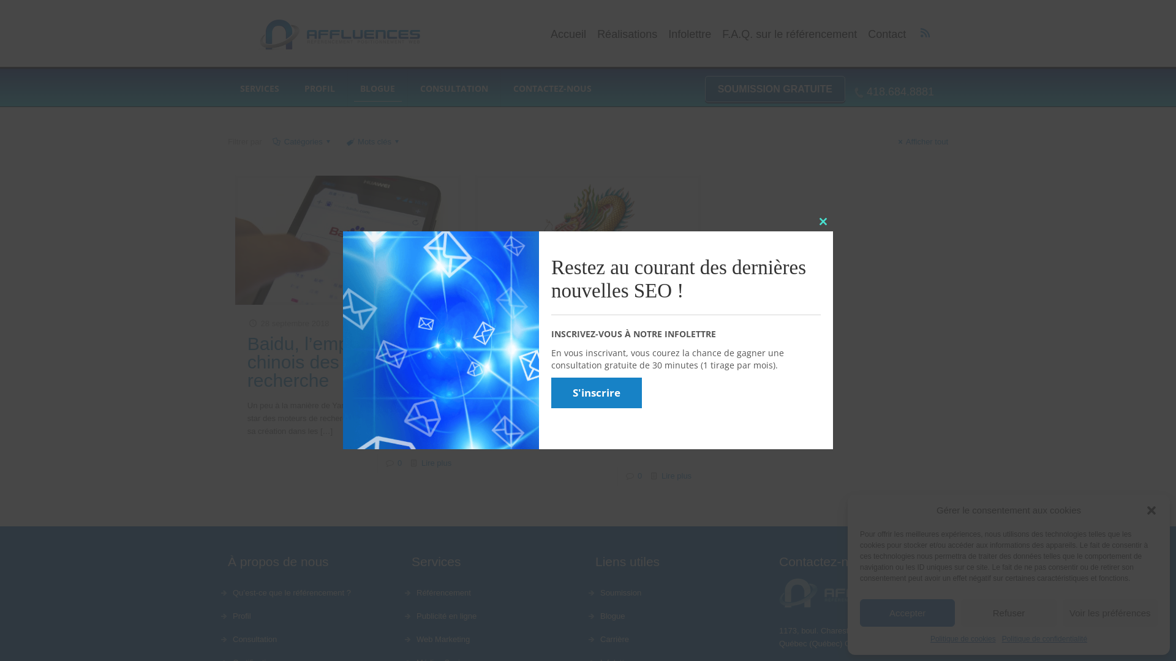 The image size is (1176, 661). Describe the element at coordinates (231, 639) in the screenshot. I see `'Consultation'` at that location.